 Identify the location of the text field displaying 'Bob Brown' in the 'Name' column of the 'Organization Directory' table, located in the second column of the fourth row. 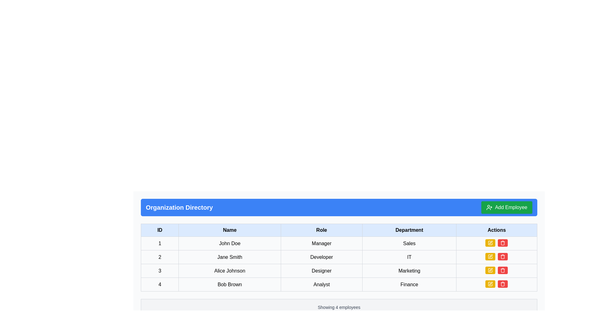
(229, 284).